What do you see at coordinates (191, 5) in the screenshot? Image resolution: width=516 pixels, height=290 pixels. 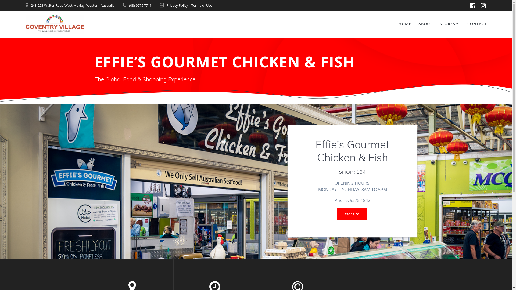 I see `'Terms of Use'` at bounding box center [191, 5].